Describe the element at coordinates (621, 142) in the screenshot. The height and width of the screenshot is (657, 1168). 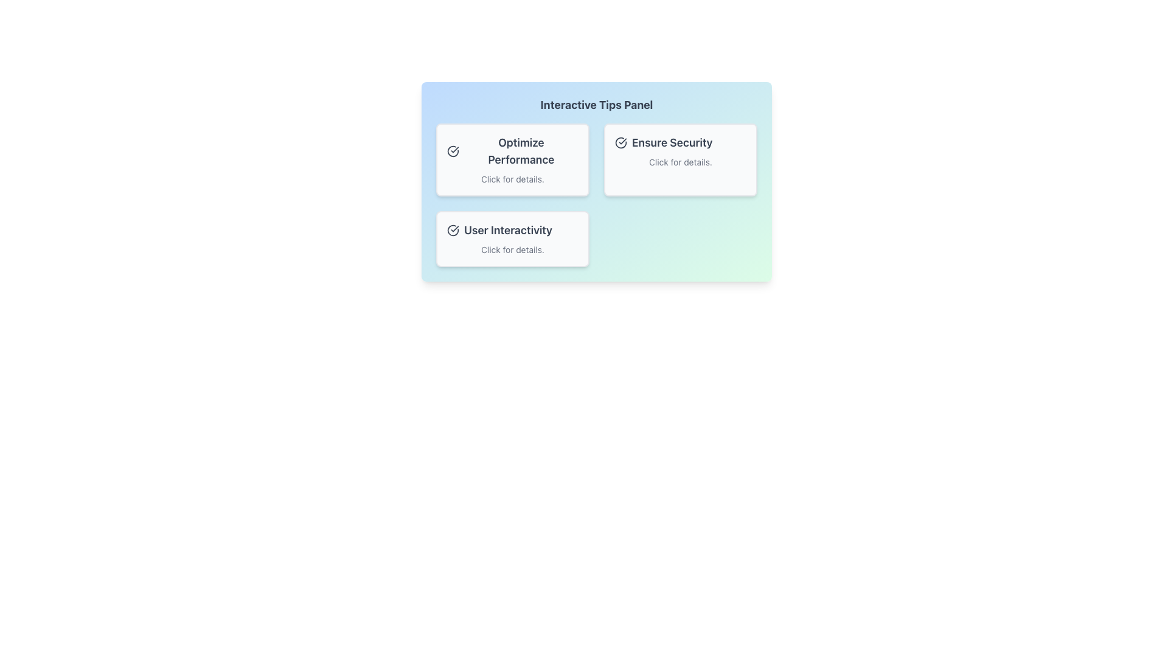
I see `the circular confirmation icon with a checkmark, located to the left of the text 'Ensure Security' in the upper-right box of the 'Interactive Tips Panel'` at that location.